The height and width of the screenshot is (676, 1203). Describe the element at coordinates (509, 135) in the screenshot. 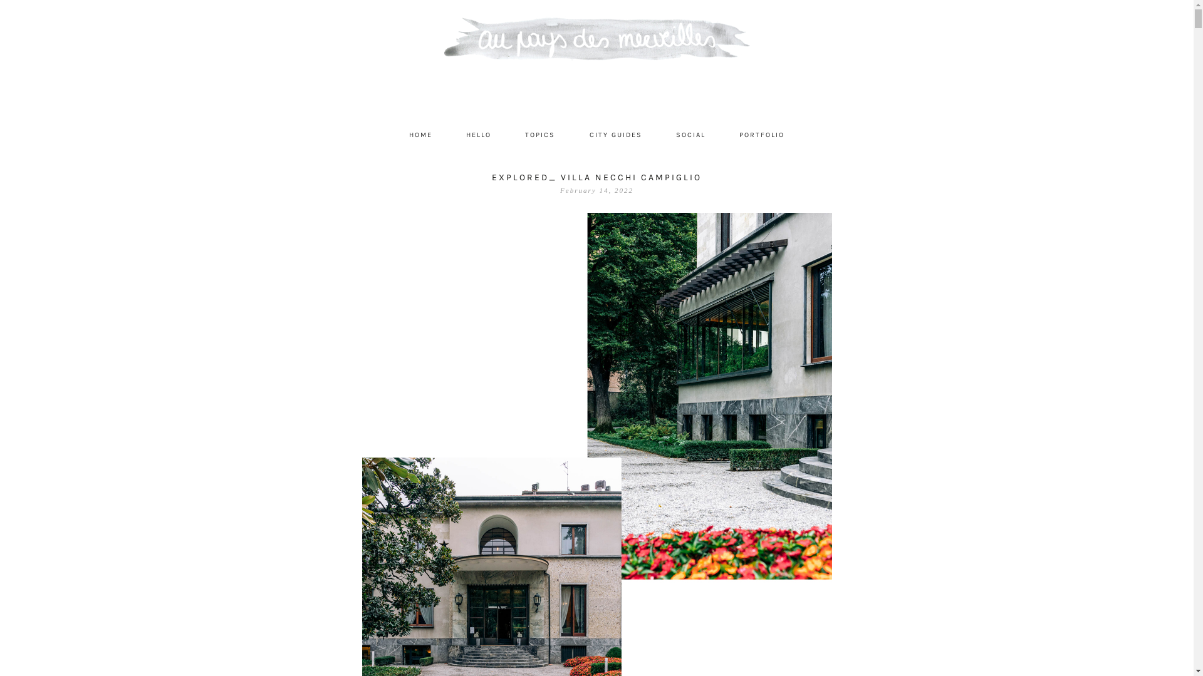

I see `'TOPICS'` at that location.